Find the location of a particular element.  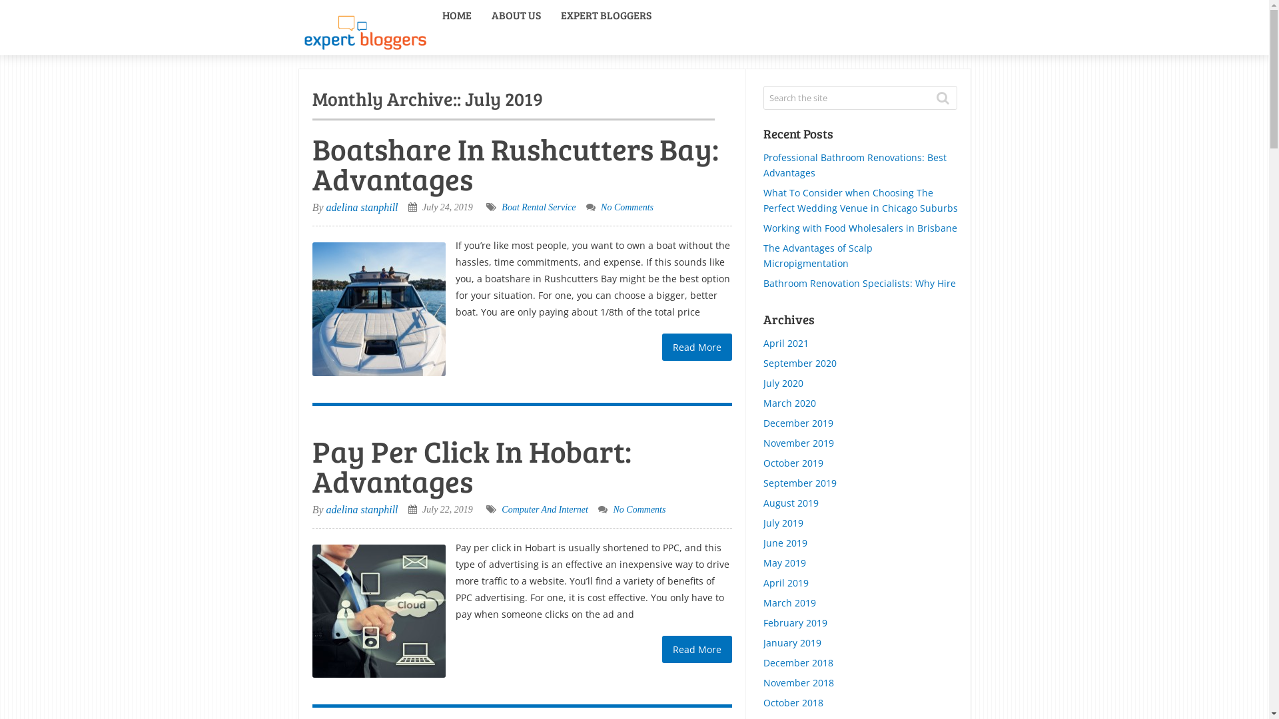

'ABOUT US' is located at coordinates (514, 15).